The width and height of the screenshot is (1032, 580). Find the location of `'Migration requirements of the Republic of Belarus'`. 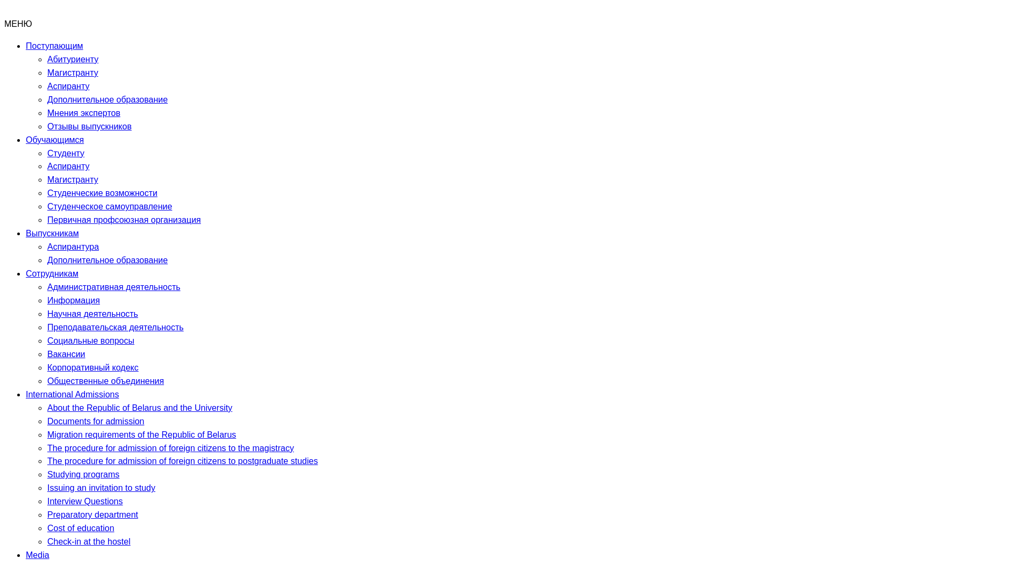

'Migration requirements of the Republic of Belarus' is located at coordinates (141, 434).